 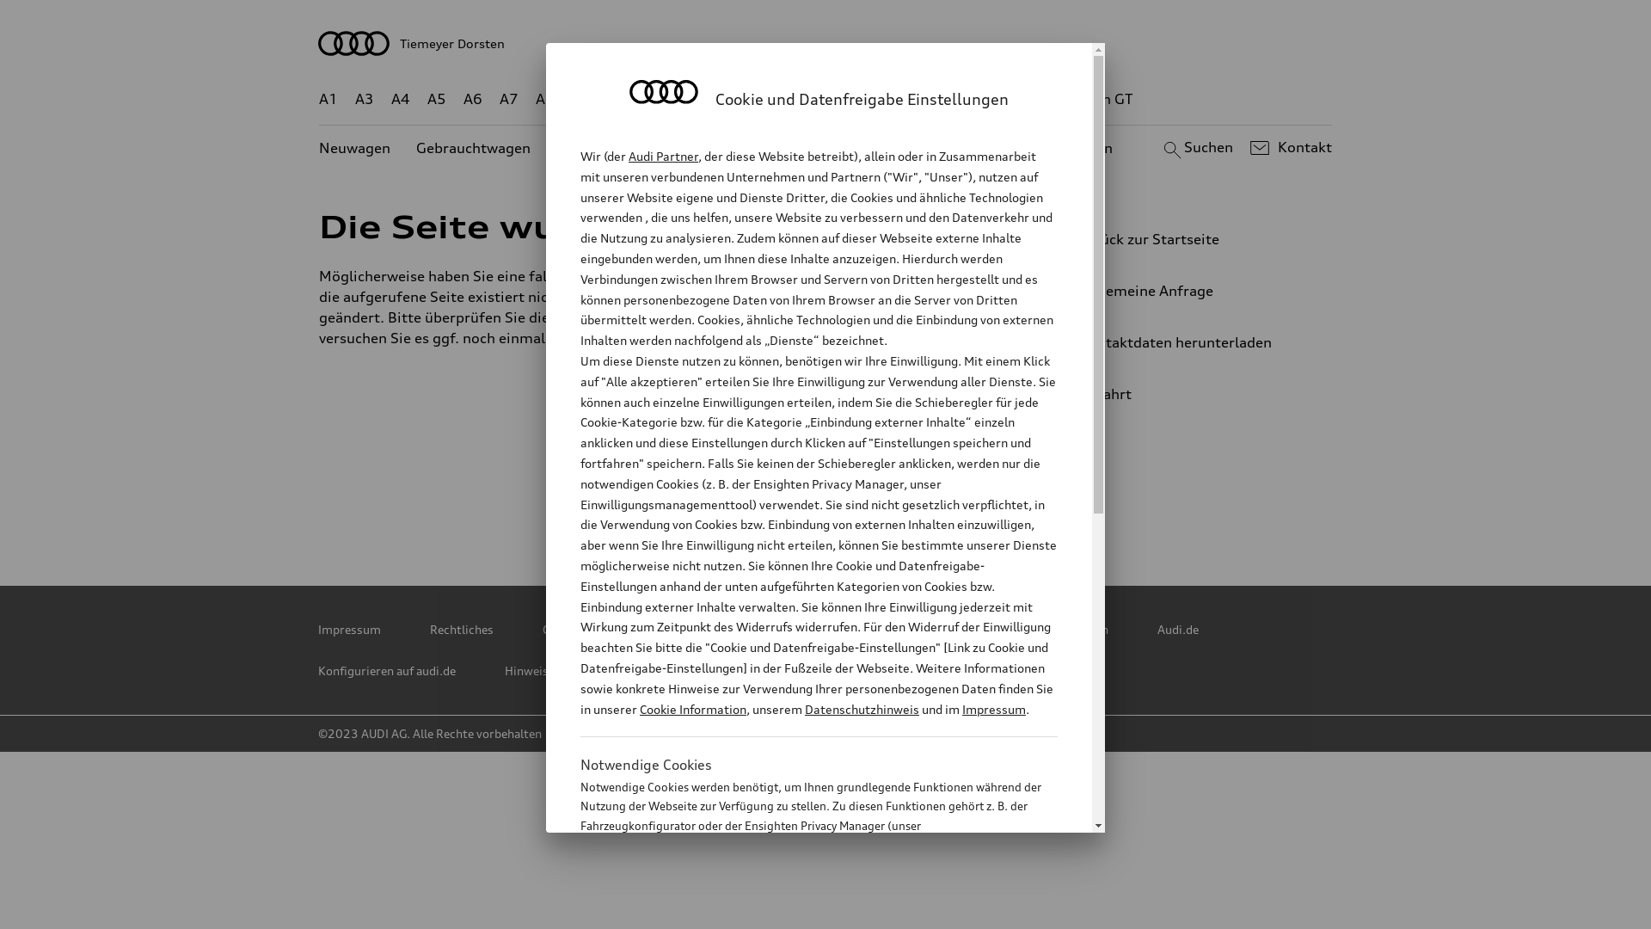 What do you see at coordinates (386, 669) in the screenshot?
I see `'Konfigurieren auf audi.de'` at bounding box center [386, 669].